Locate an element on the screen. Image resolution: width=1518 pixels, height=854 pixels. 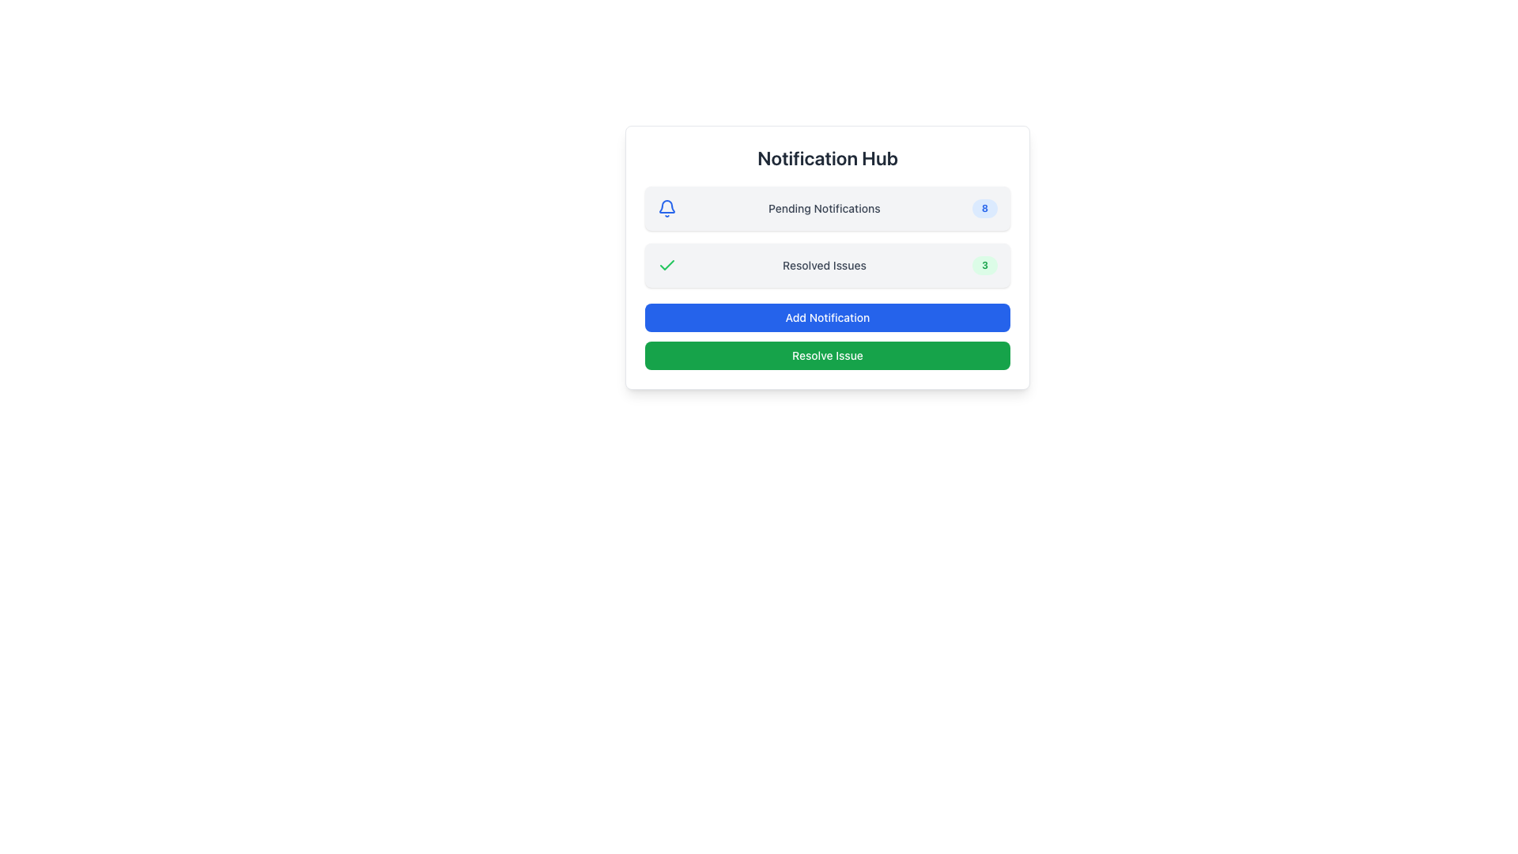
the notification icon located beside the 'Pending Notifications' text in the Notification Hub interface to read the tooltip is located at coordinates (667, 206).